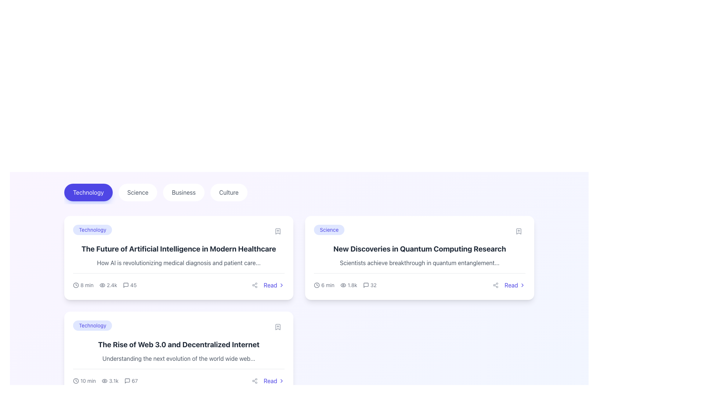  What do you see at coordinates (228, 192) in the screenshot?
I see `the 'Culture' button, which is the fourth button in a horizontal list, located to the right of the 'Business' button` at bounding box center [228, 192].